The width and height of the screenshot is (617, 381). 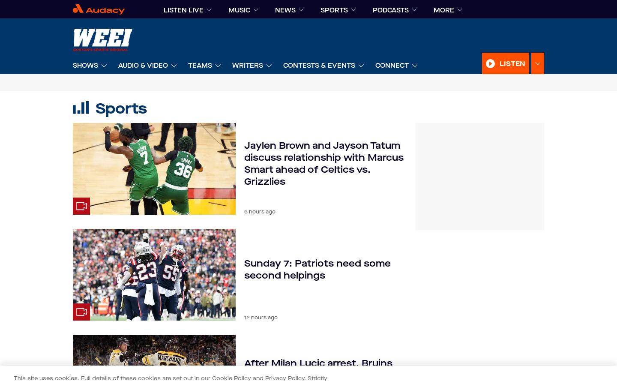 I want to click on 'Audio & Video', so click(x=118, y=65).